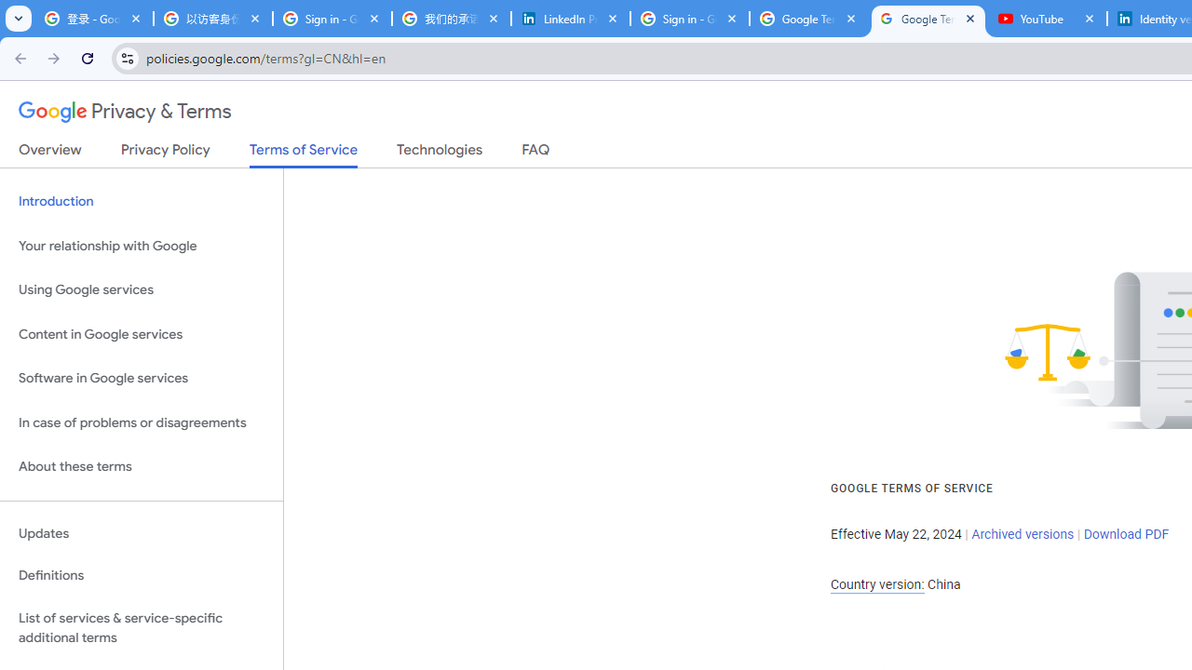  I want to click on 'Archived versions', so click(1022, 534).